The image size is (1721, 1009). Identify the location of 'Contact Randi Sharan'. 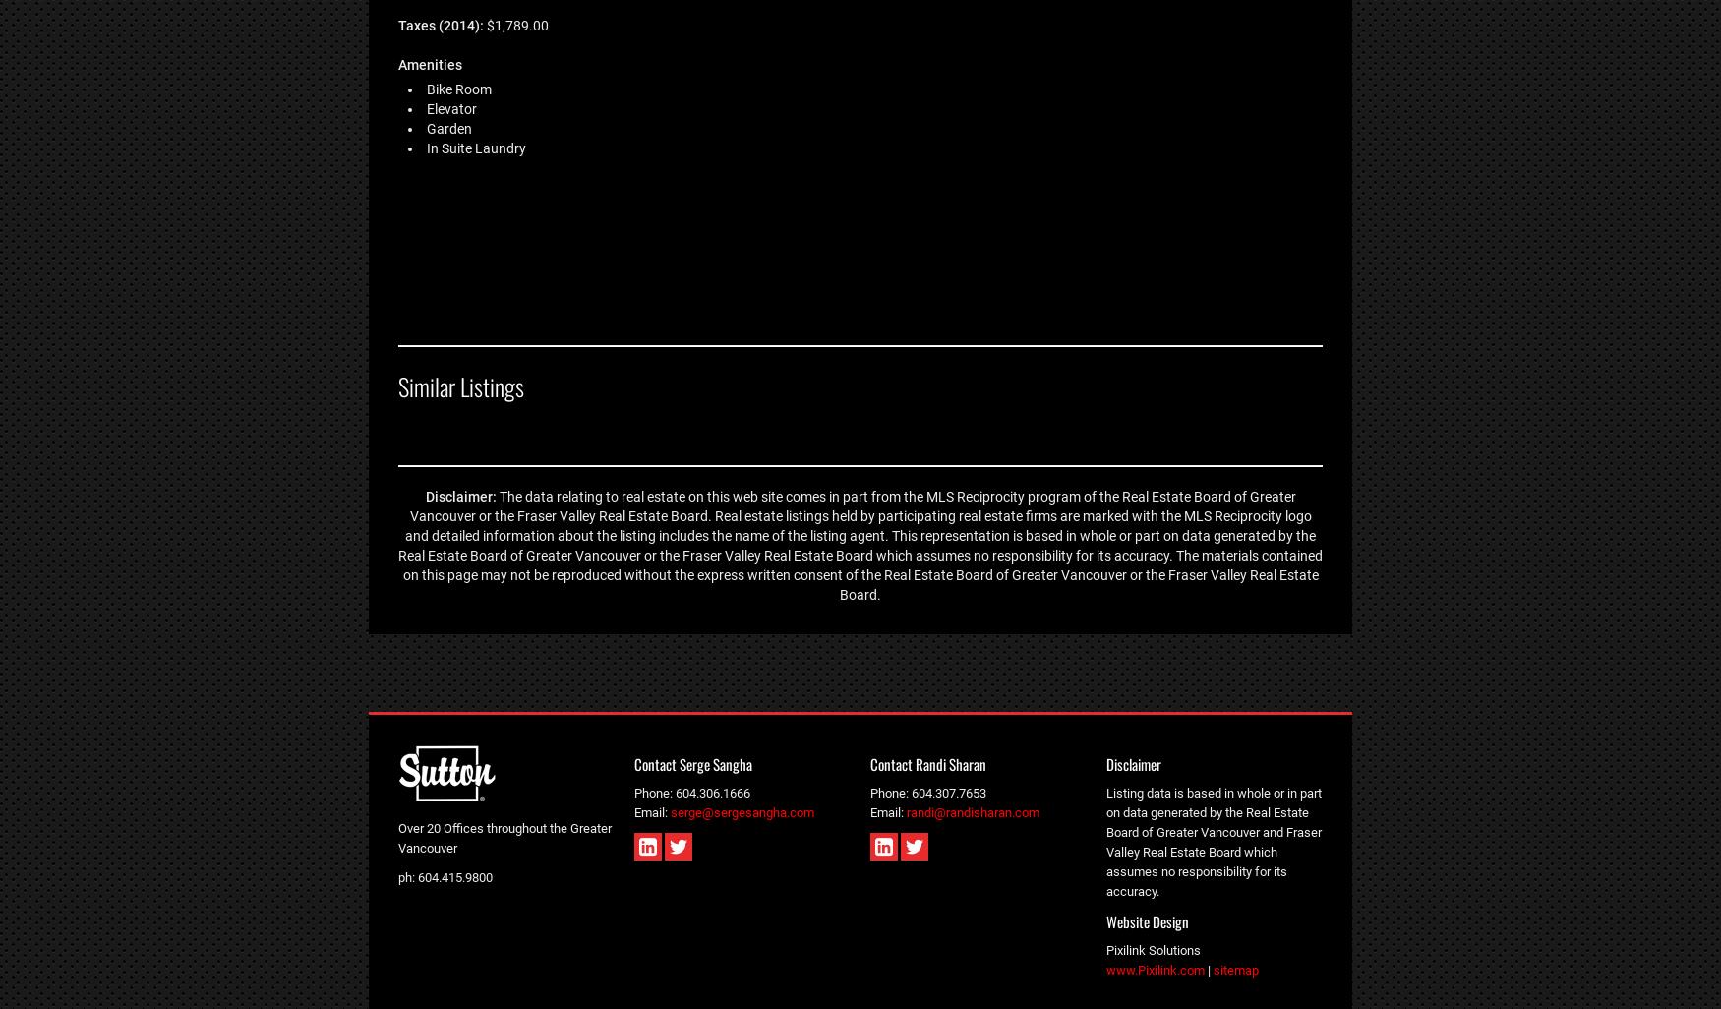
(927, 762).